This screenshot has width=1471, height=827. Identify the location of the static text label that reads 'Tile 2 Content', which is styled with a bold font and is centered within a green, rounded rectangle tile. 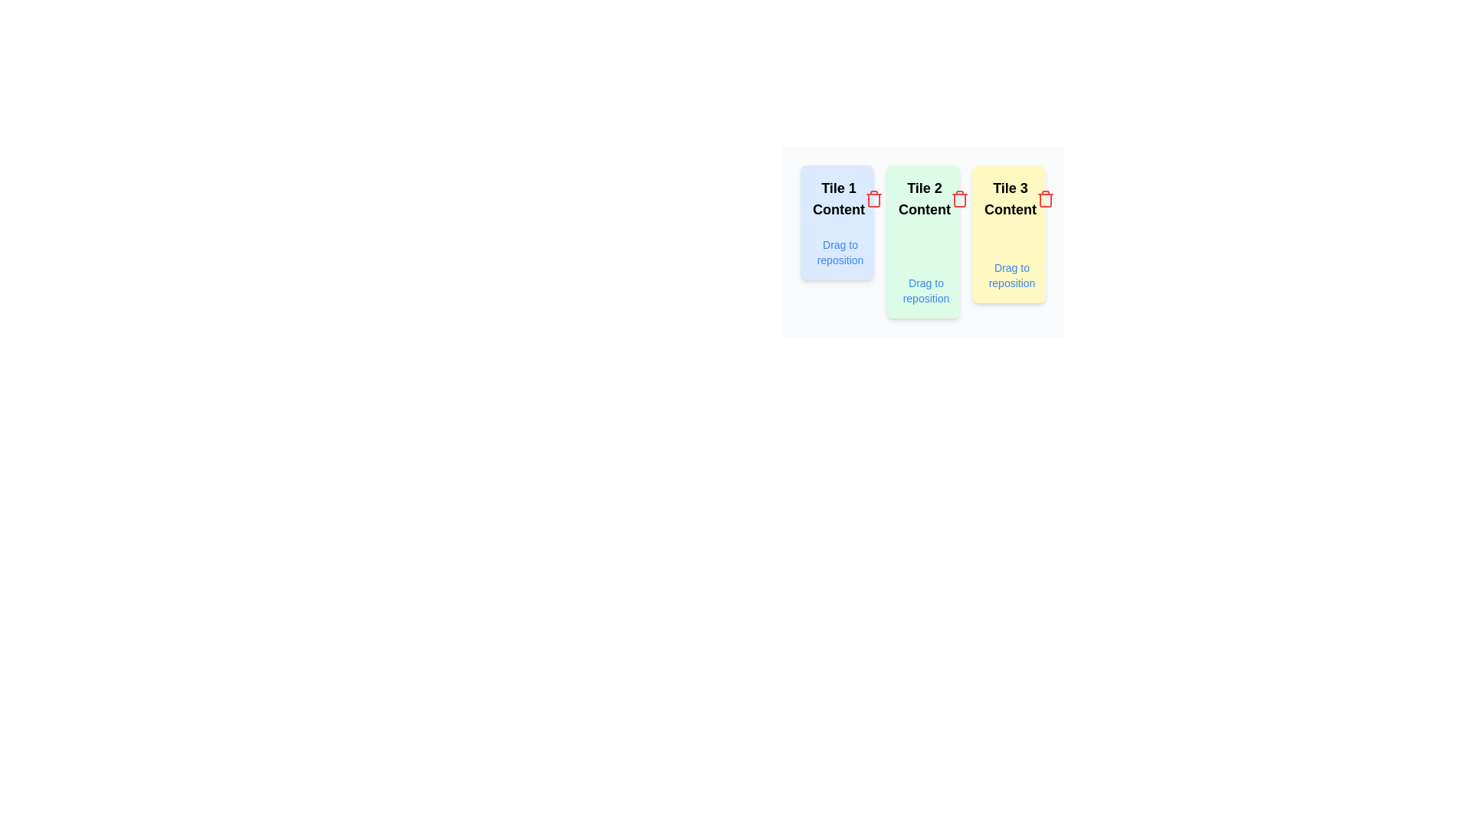
(922, 198).